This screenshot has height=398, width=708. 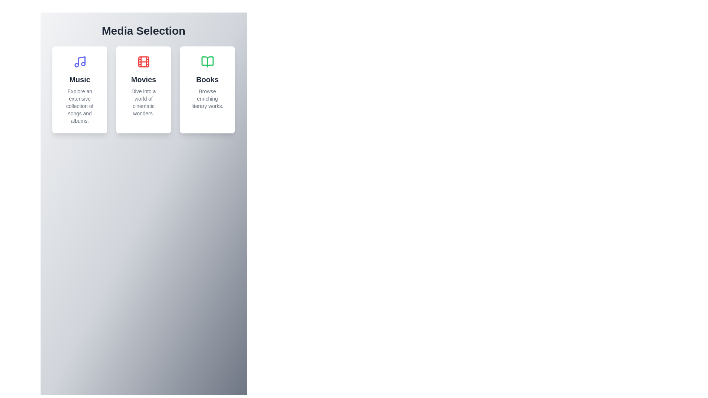 What do you see at coordinates (207, 80) in the screenshot?
I see `text label that serves as the title for the card, located in the middle section of the rightmost card, positioned below the green book icon and above the descriptive text 'Browse enriching literary works.'` at bounding box center [207, 80].